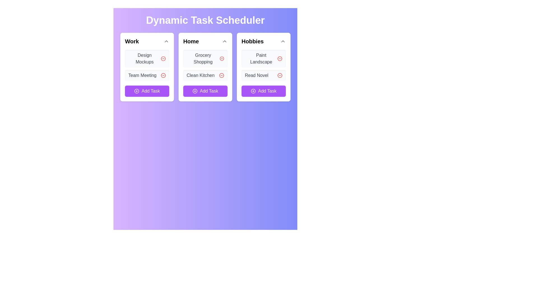  I want to click on the interactive remove button for the 'Paint Landscape' task located, so click(280, 58).